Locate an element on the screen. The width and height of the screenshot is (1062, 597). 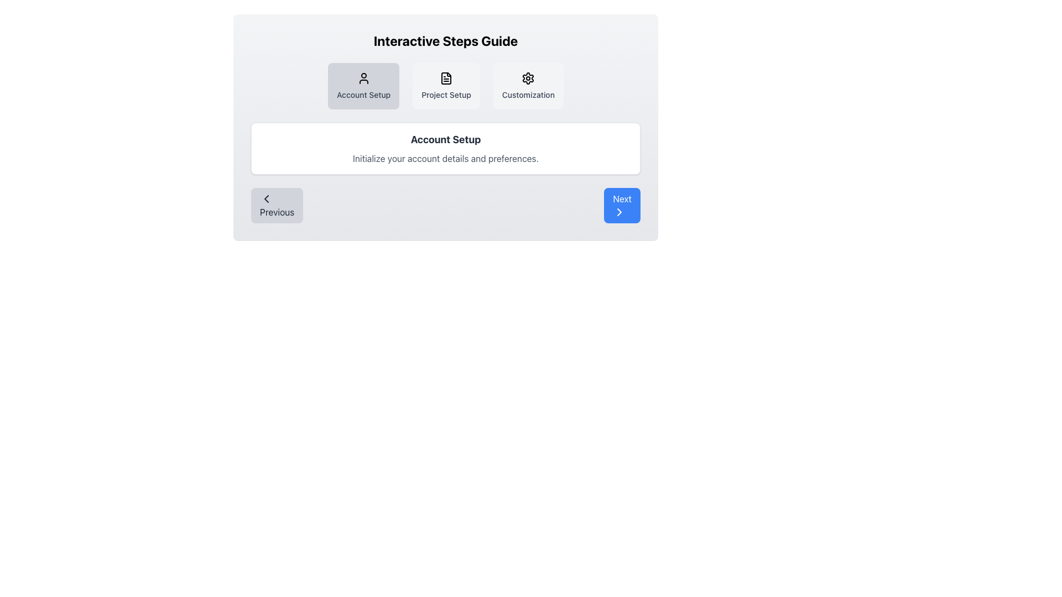
the user profile icon, which is a minimalist line art design representing a head and shoulders, located in the center-top region of the 'Account Setup' section is located at coordinates (363, 78).